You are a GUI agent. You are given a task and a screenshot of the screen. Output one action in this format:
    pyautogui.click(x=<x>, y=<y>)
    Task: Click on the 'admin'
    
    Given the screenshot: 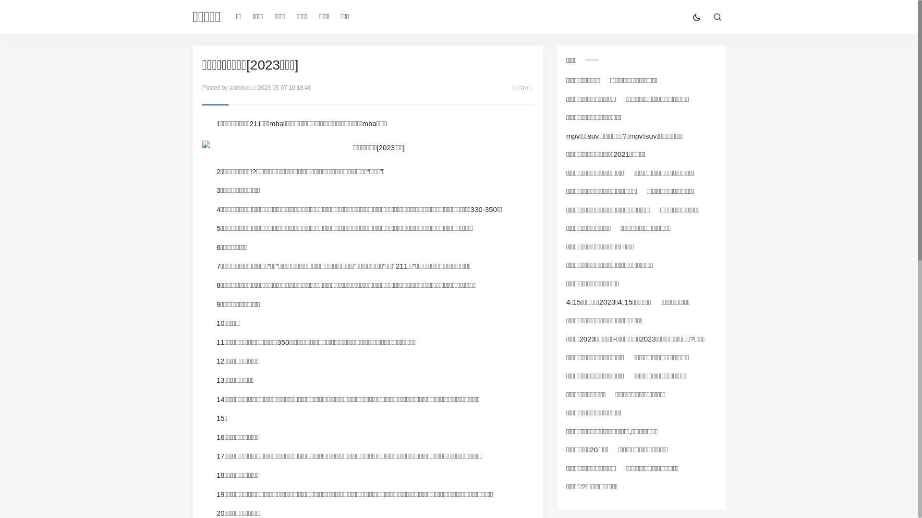 What is the action you would take?
    pyautogui.click(x=229, y=87)
    